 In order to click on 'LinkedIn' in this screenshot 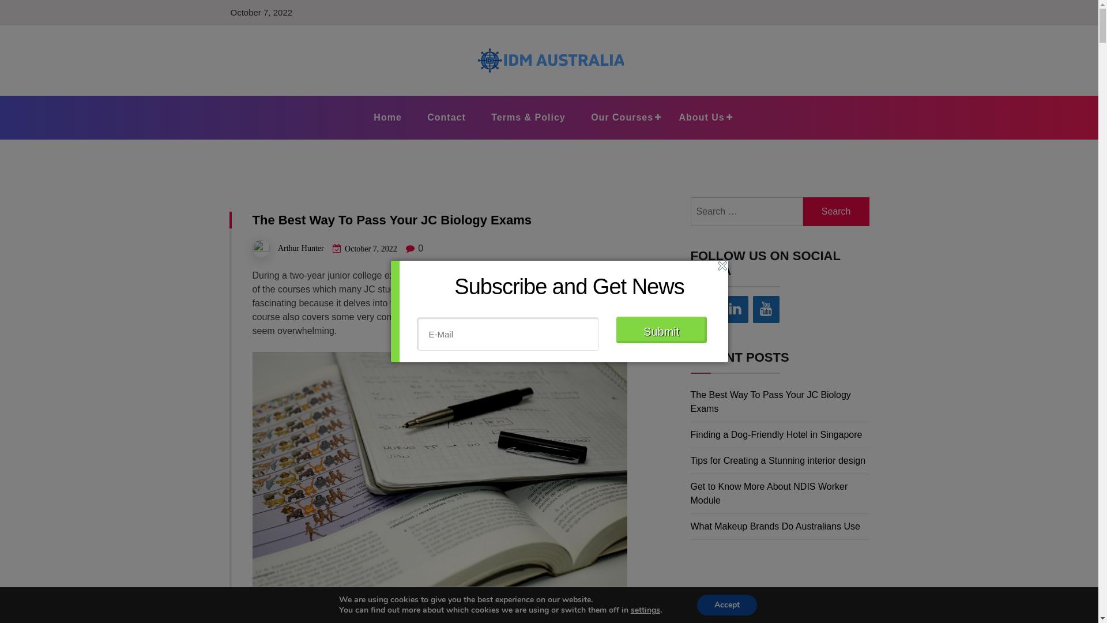, I will do `click(735, 309)`.